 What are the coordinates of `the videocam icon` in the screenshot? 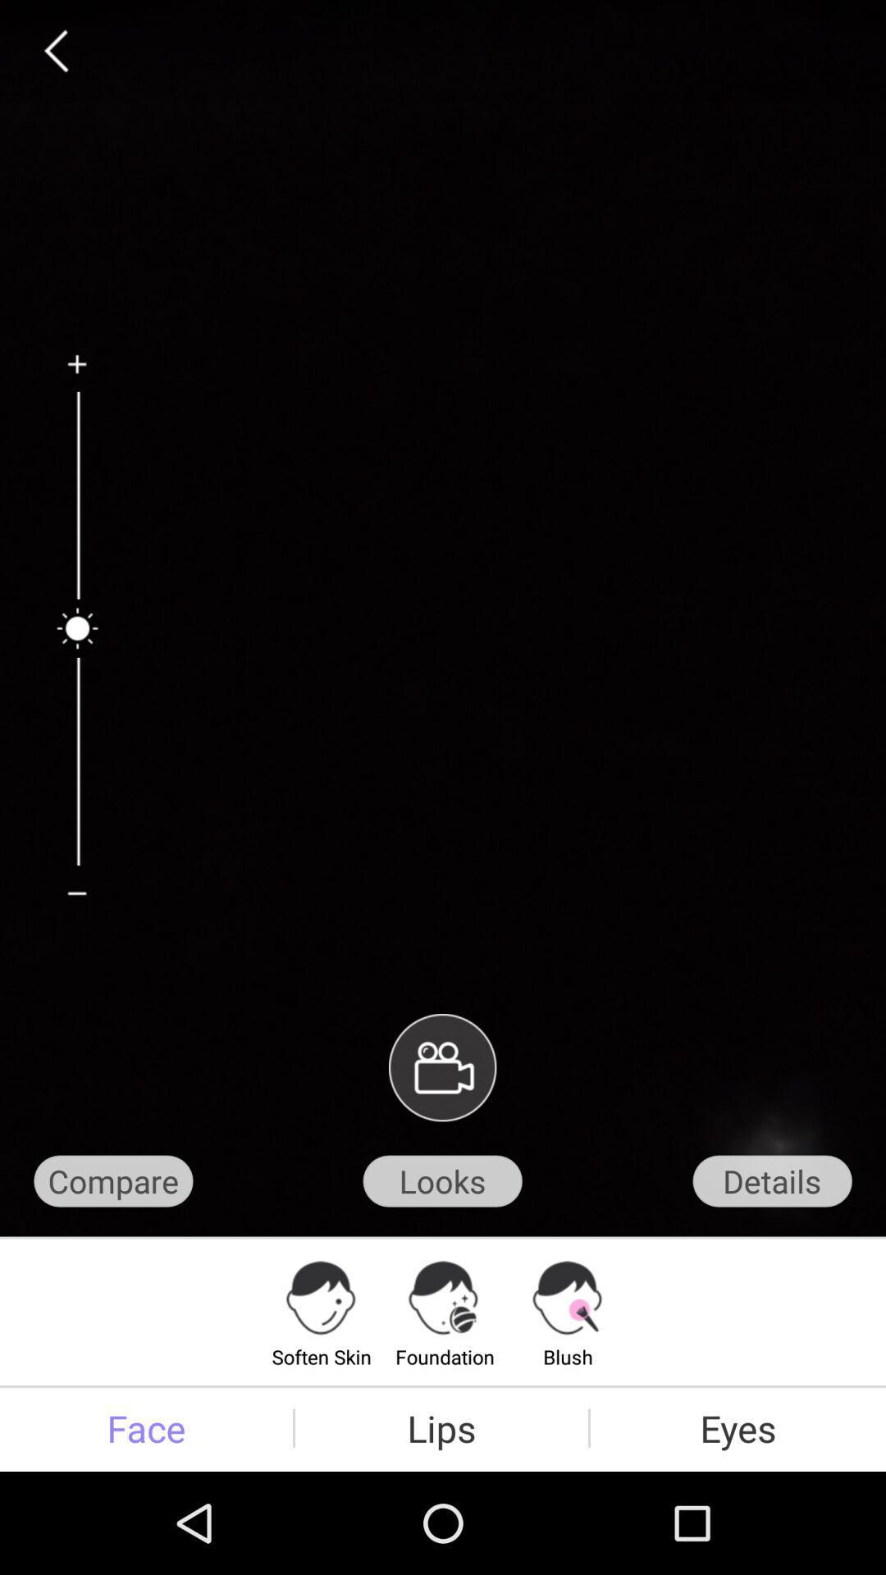 It's located at (441, 1141).